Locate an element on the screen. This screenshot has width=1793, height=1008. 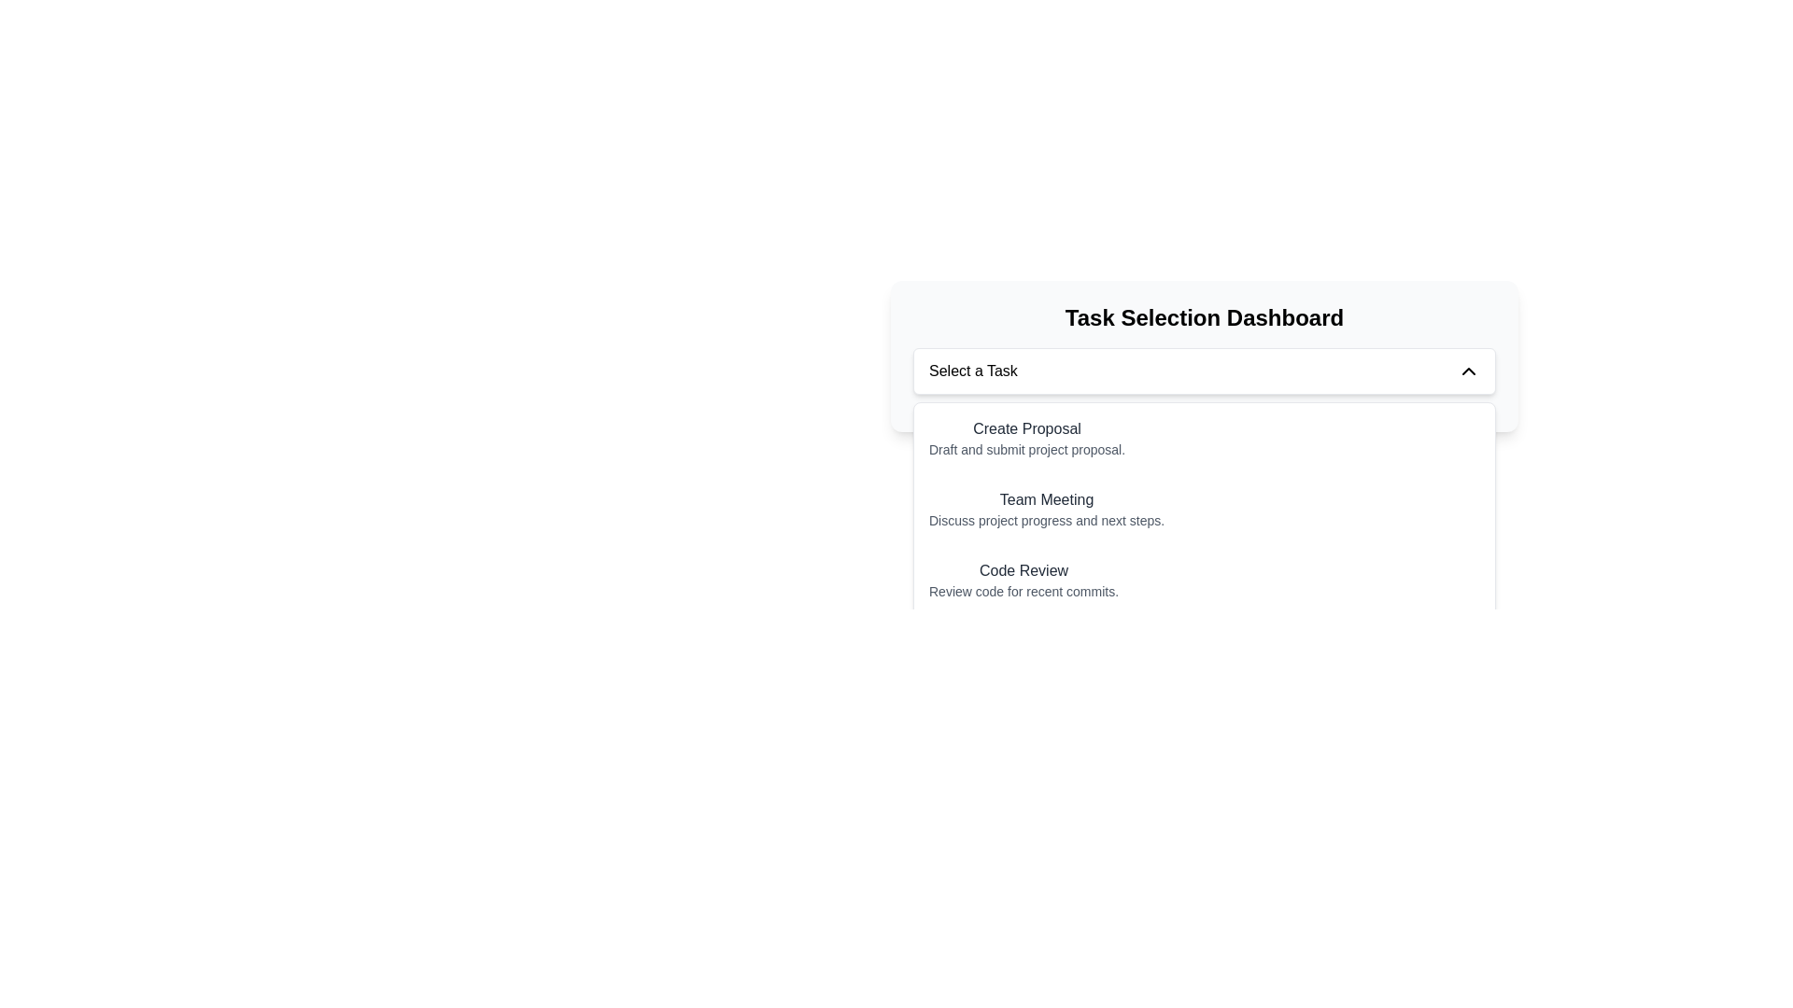
description of the label text that says 'Draft and submit project proposal', which is positioned below the 'Create Proposal' header in the menu dropdown is located at coordinates (1025, 450).